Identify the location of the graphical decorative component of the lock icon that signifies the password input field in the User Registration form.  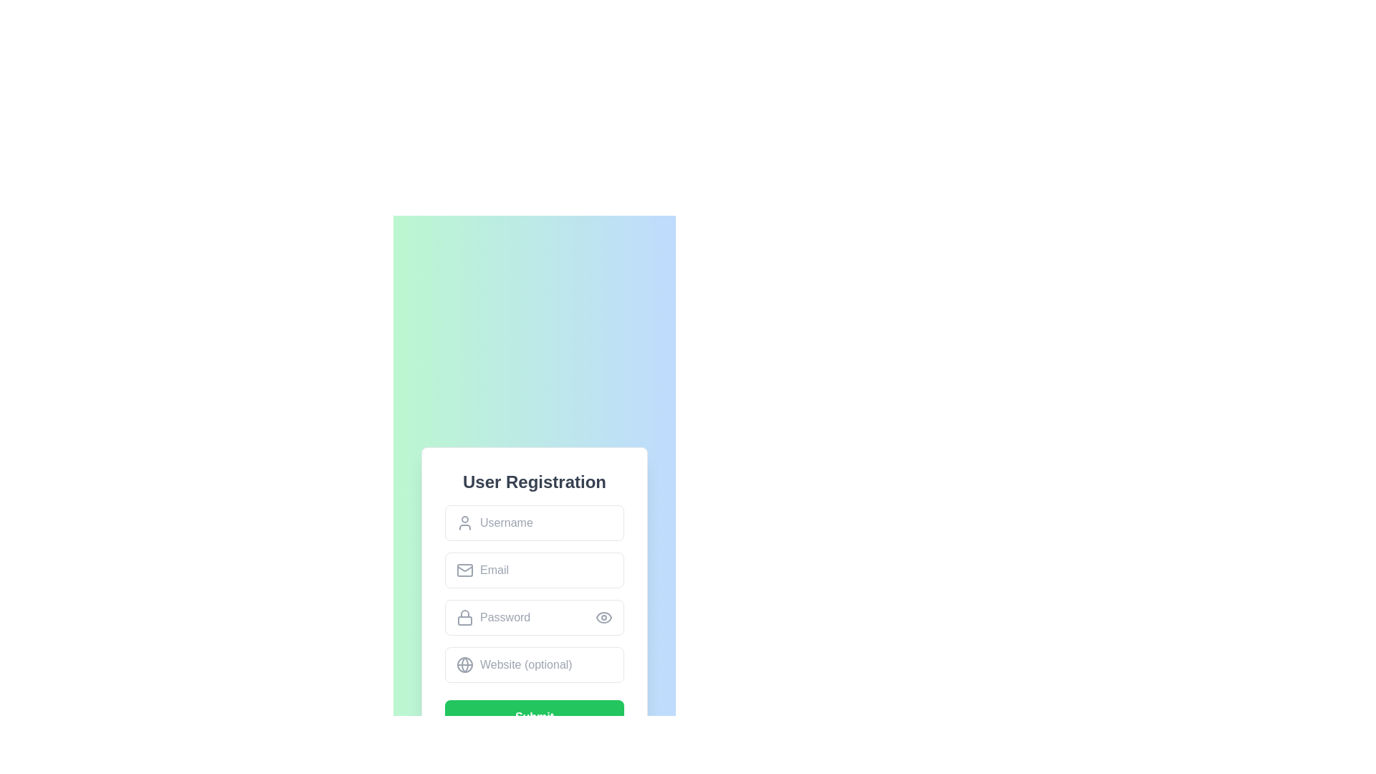
(464, 620).